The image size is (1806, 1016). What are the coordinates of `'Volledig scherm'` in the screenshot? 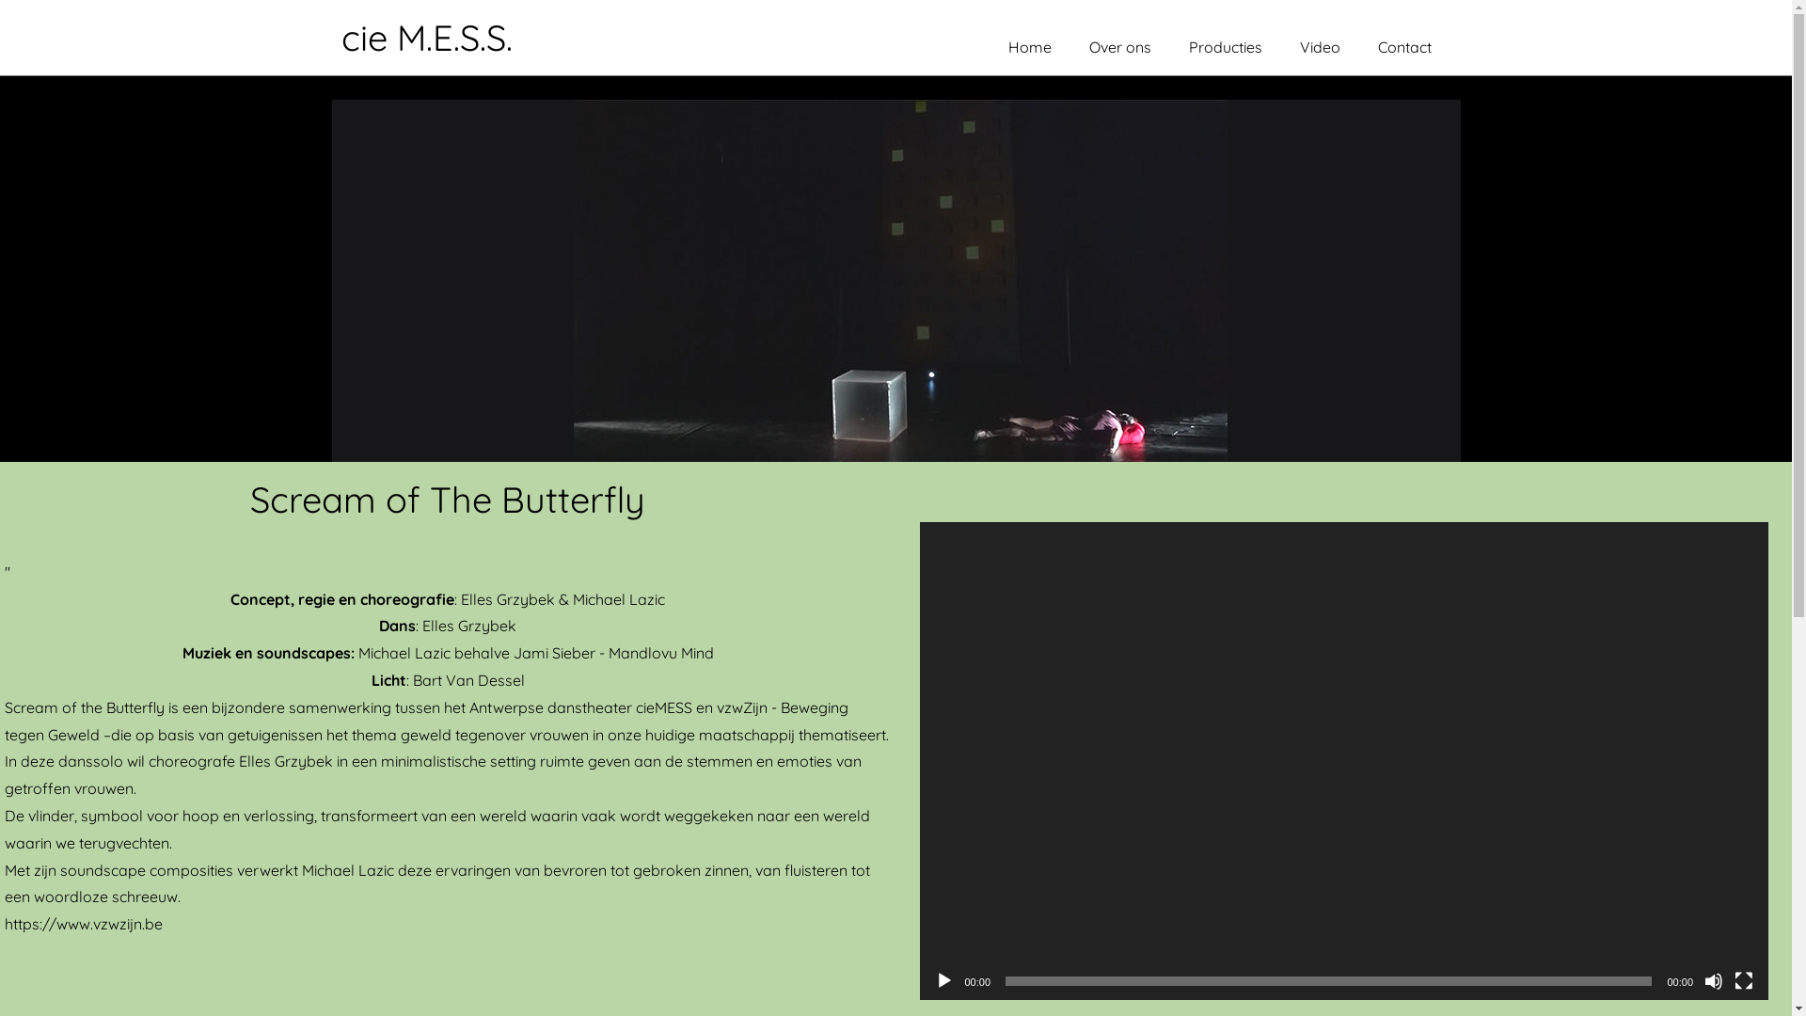 It's located at (1733, 979).